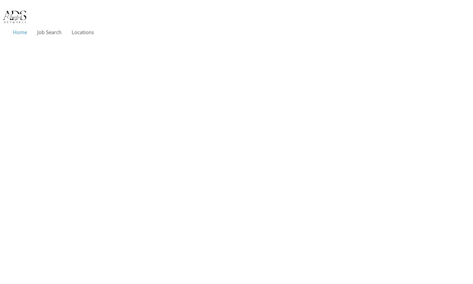 Image resolution: width=473 pixels, height=284 pixels. I want to click on 'Germany', so click(89, 125).